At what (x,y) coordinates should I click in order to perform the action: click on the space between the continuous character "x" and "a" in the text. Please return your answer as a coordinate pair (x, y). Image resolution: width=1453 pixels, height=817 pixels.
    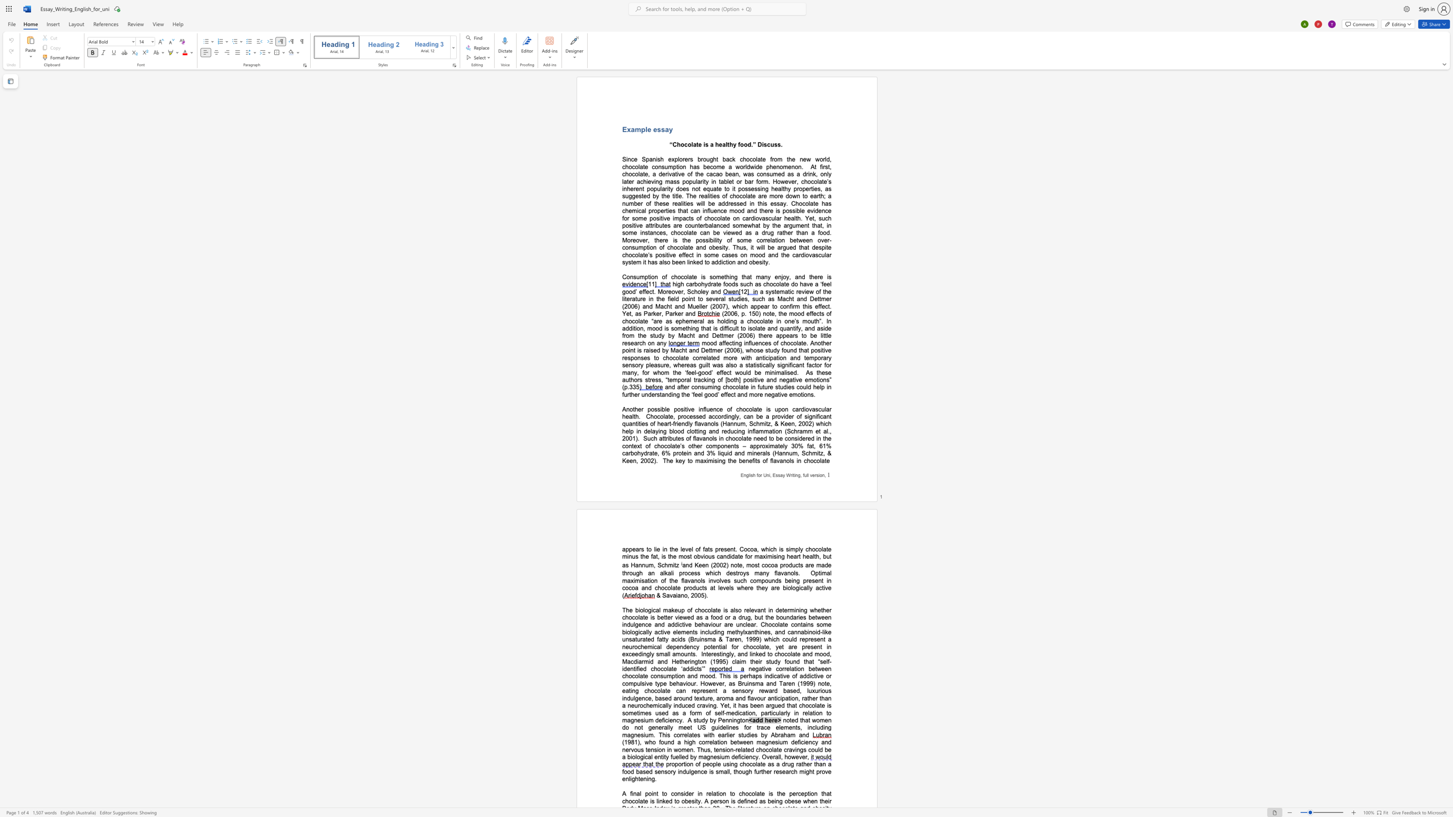
    Looking at the image, I should click on (631, 129).